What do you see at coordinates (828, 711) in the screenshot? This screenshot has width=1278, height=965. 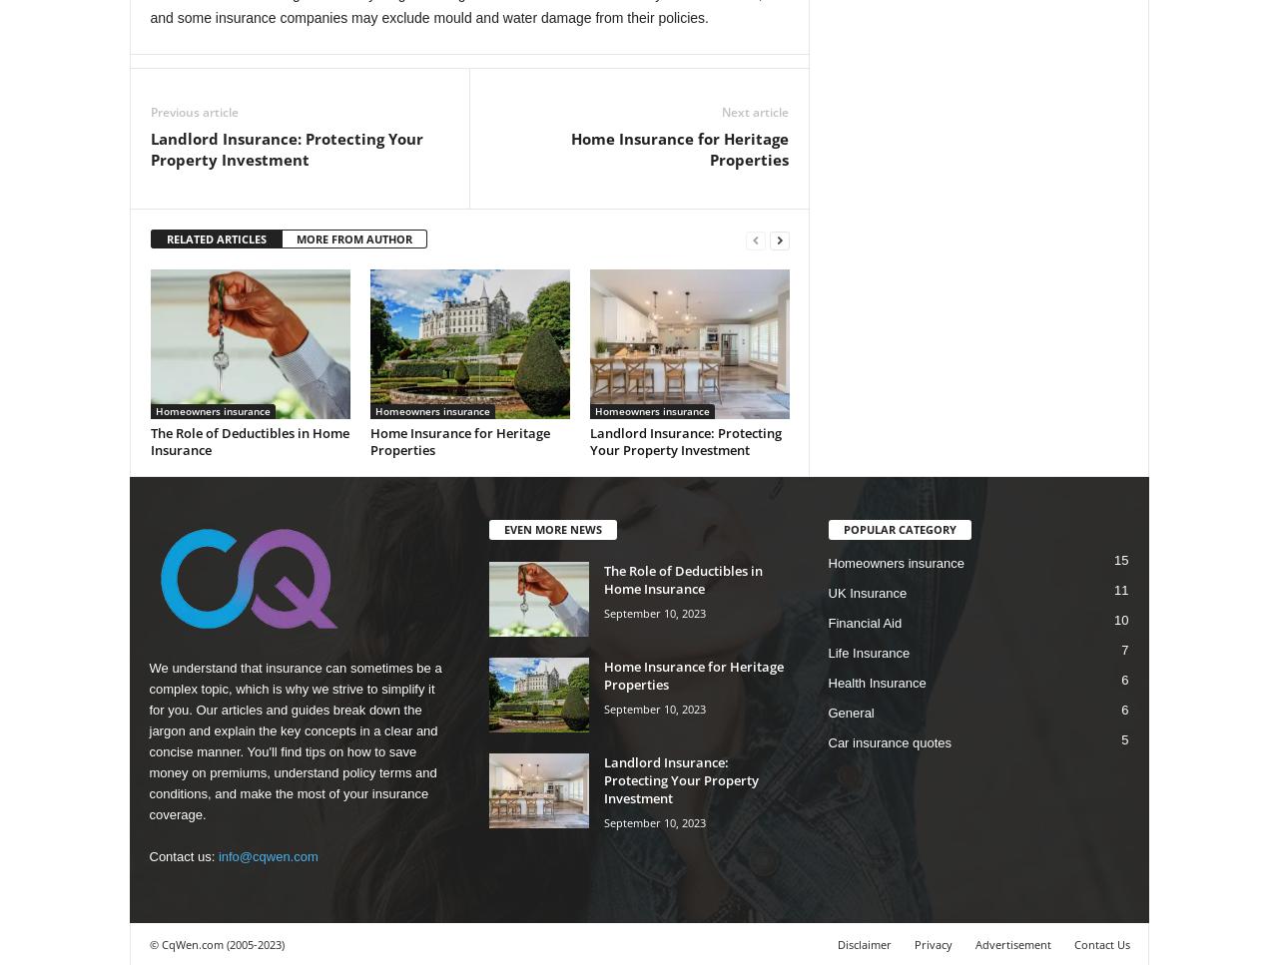 I see `'General'` at bounding box center [828, 711].